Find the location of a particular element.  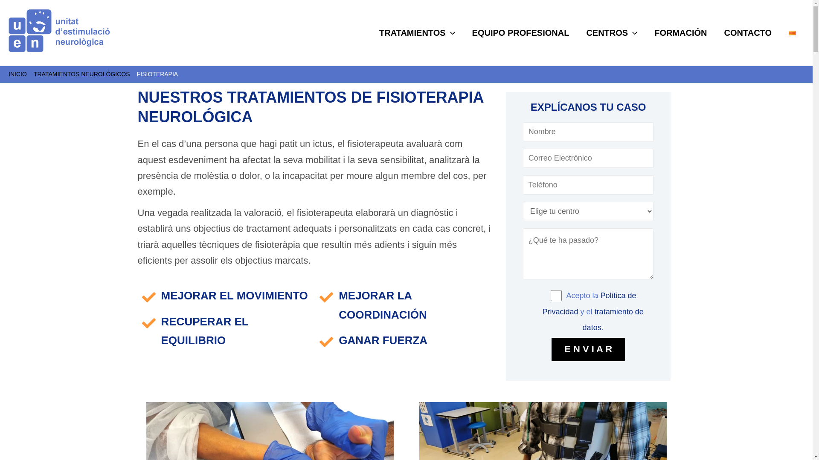

'TRATAMIENTOS' is located at coordinates (417, 32).